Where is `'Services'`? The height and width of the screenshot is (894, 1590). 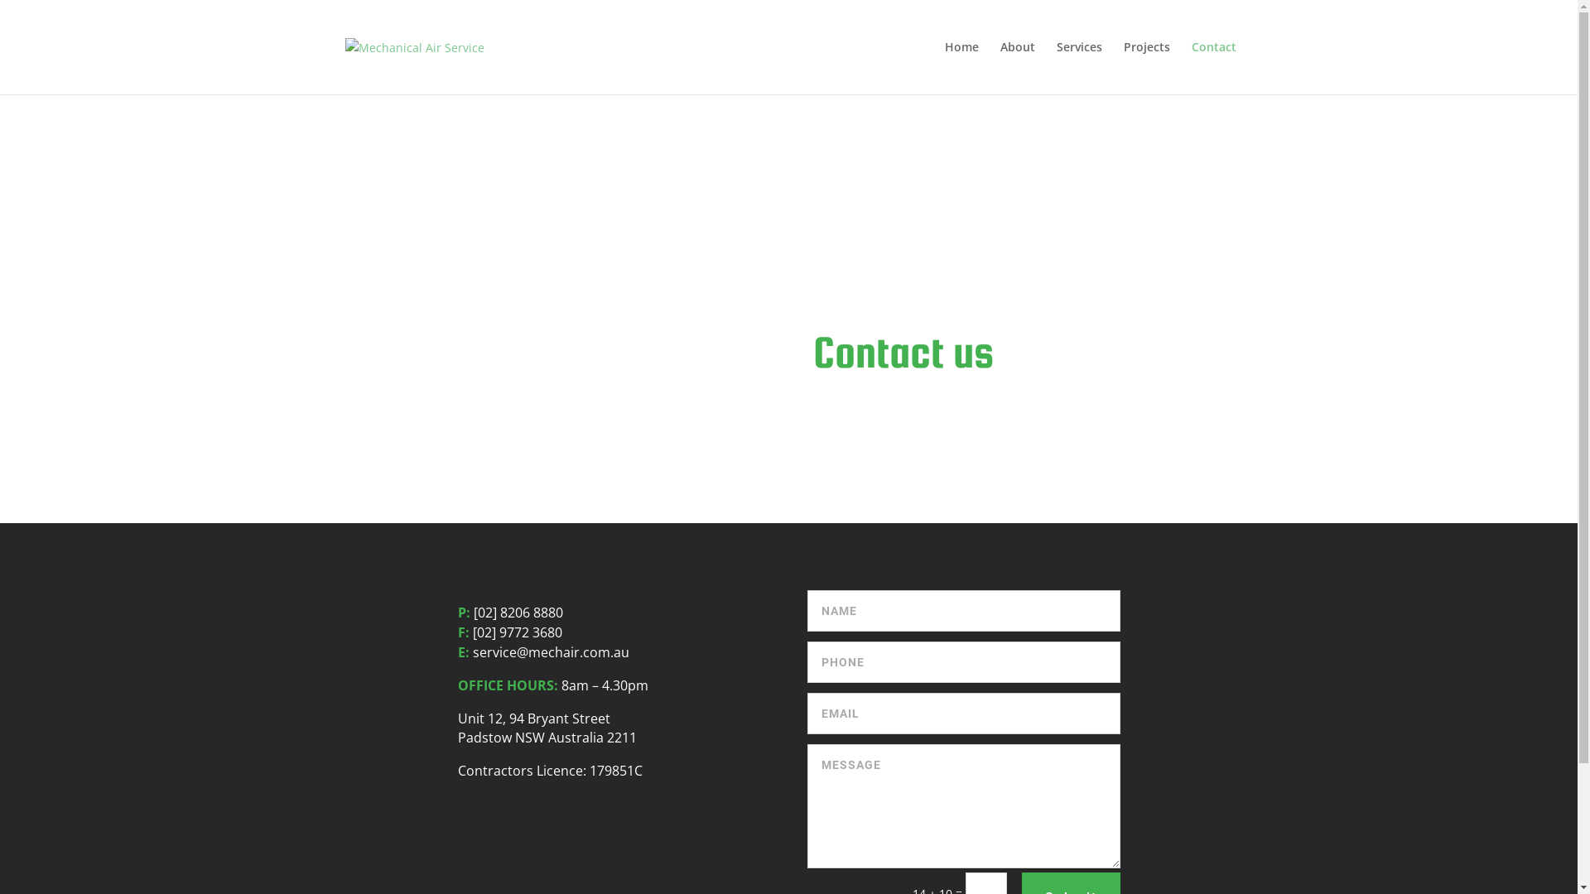 'Services' is located at coordinates (1079, 66).